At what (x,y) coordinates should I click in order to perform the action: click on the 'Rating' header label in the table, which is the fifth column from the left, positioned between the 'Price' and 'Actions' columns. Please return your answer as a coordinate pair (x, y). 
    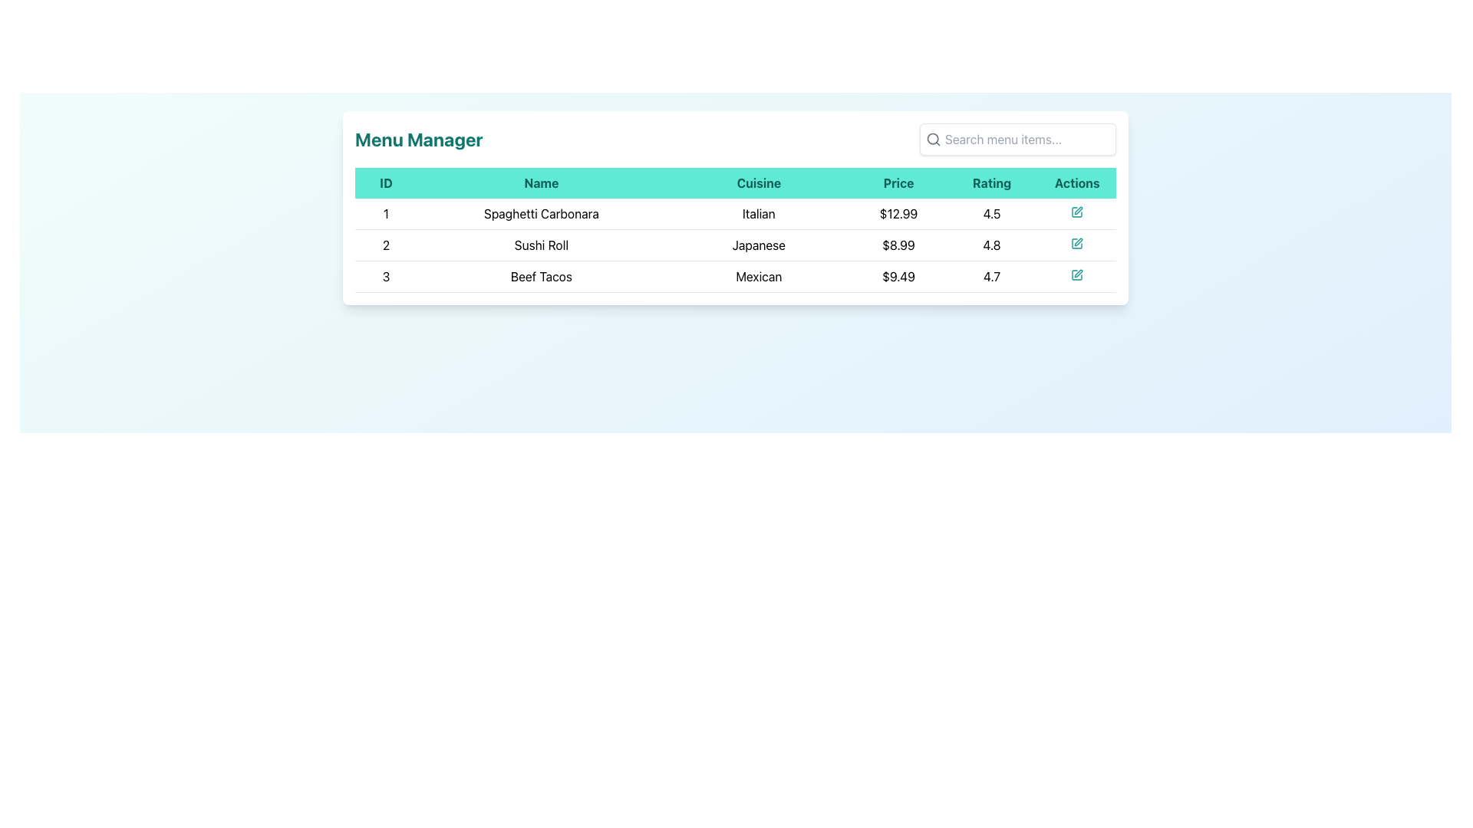
    Looking at the image, I should click on (991, 182).